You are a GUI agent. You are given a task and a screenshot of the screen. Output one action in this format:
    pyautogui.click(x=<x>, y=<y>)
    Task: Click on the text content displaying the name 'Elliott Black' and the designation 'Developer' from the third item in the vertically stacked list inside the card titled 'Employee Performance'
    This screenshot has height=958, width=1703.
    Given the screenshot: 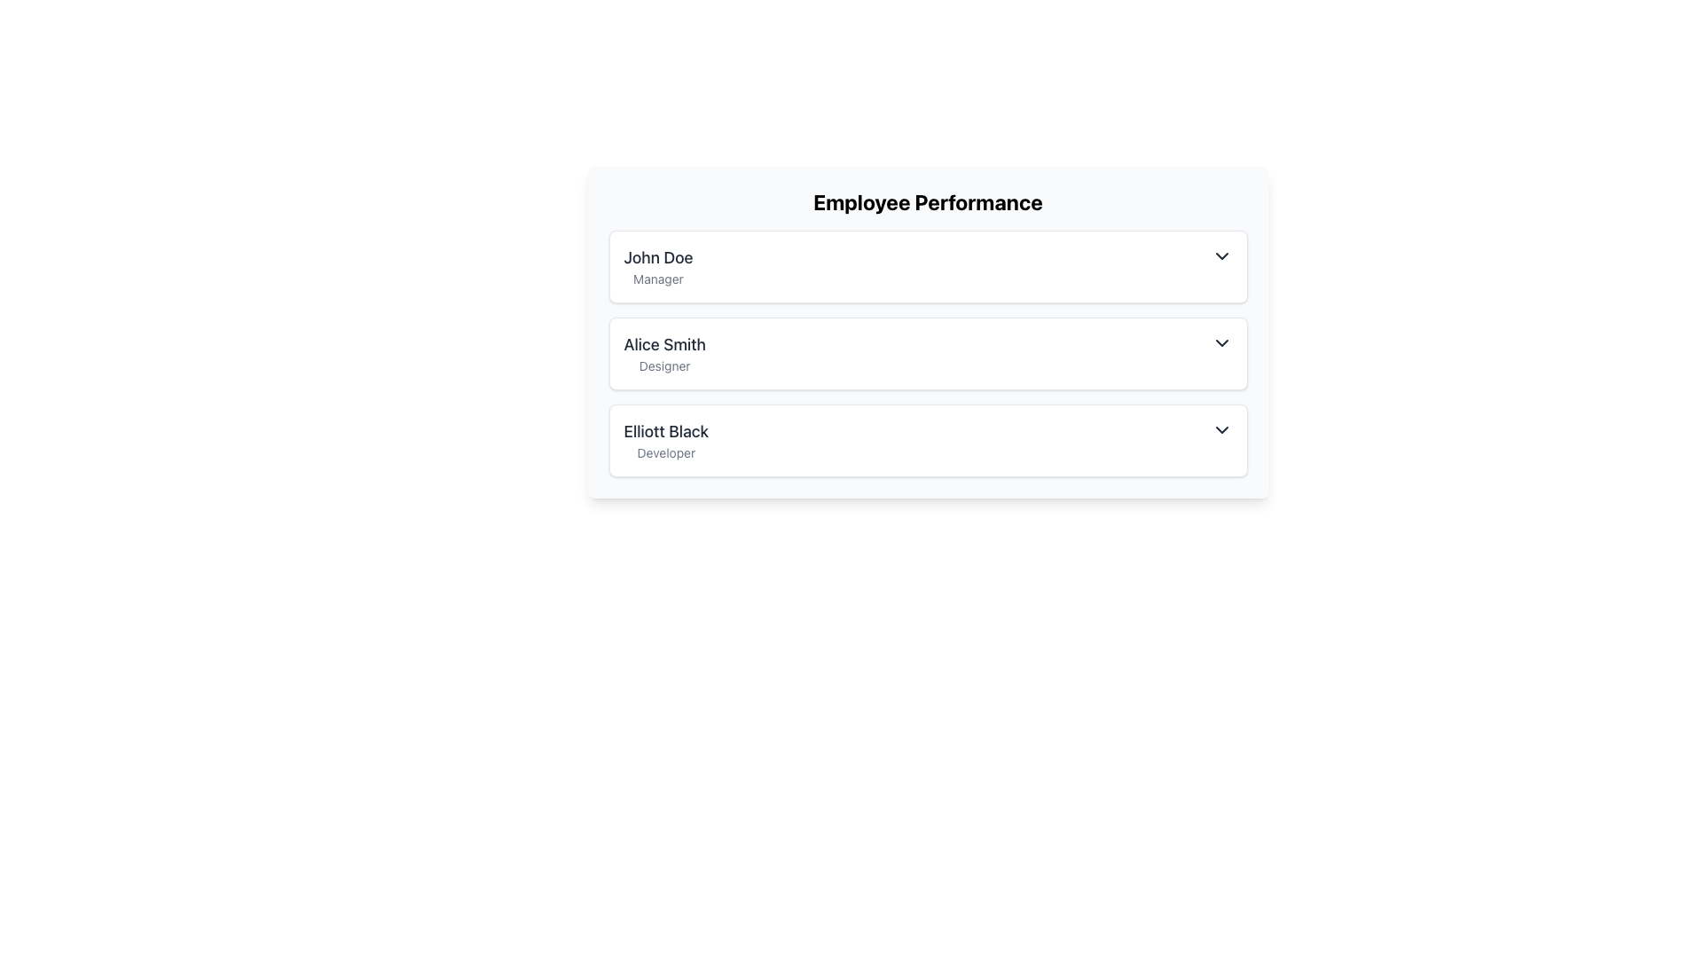 What is the action you would take?
    pyautogui.click(x=665, y=440)
    